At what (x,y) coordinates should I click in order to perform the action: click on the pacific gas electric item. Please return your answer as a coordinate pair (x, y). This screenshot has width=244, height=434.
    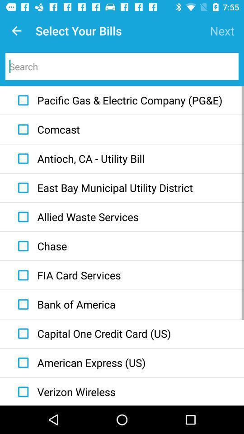
    Looking at the image, I should click on (118, 100).